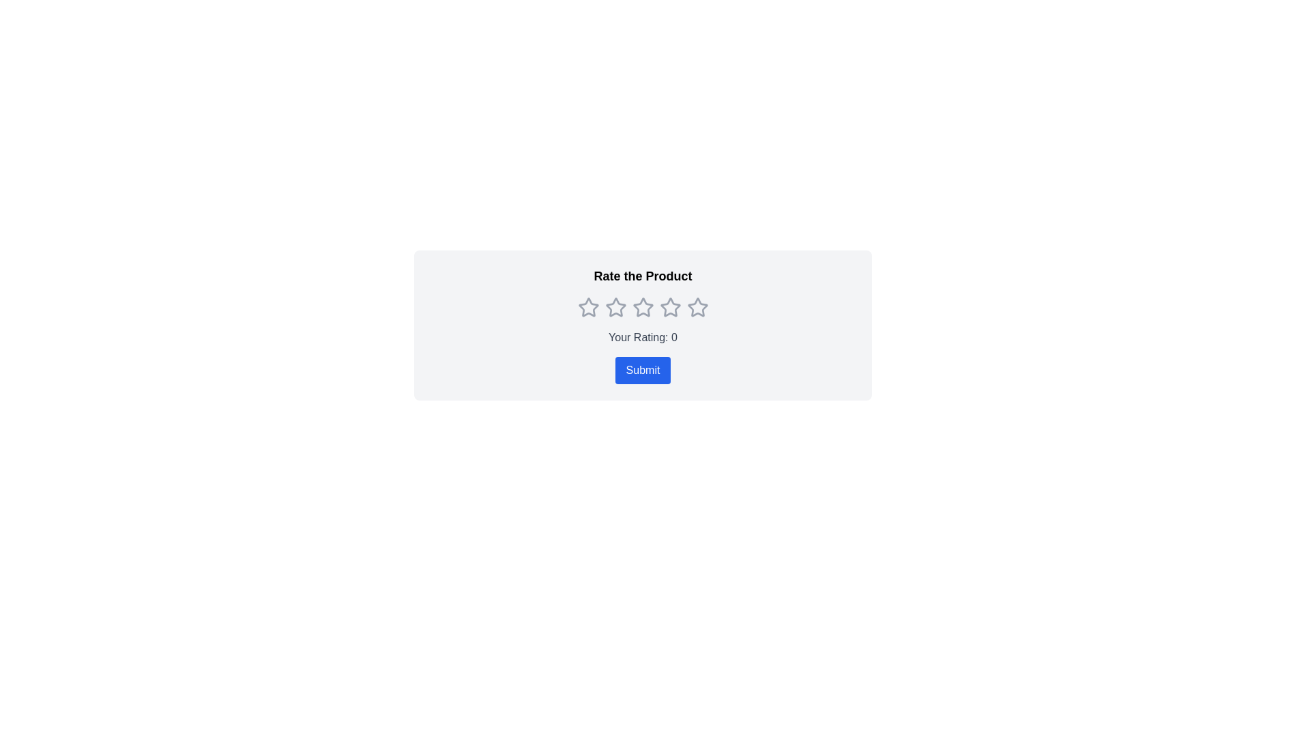 This screenshot has width=1310, height=737. I want to click on the third star icon in the central rating bar, so click(642, 308).